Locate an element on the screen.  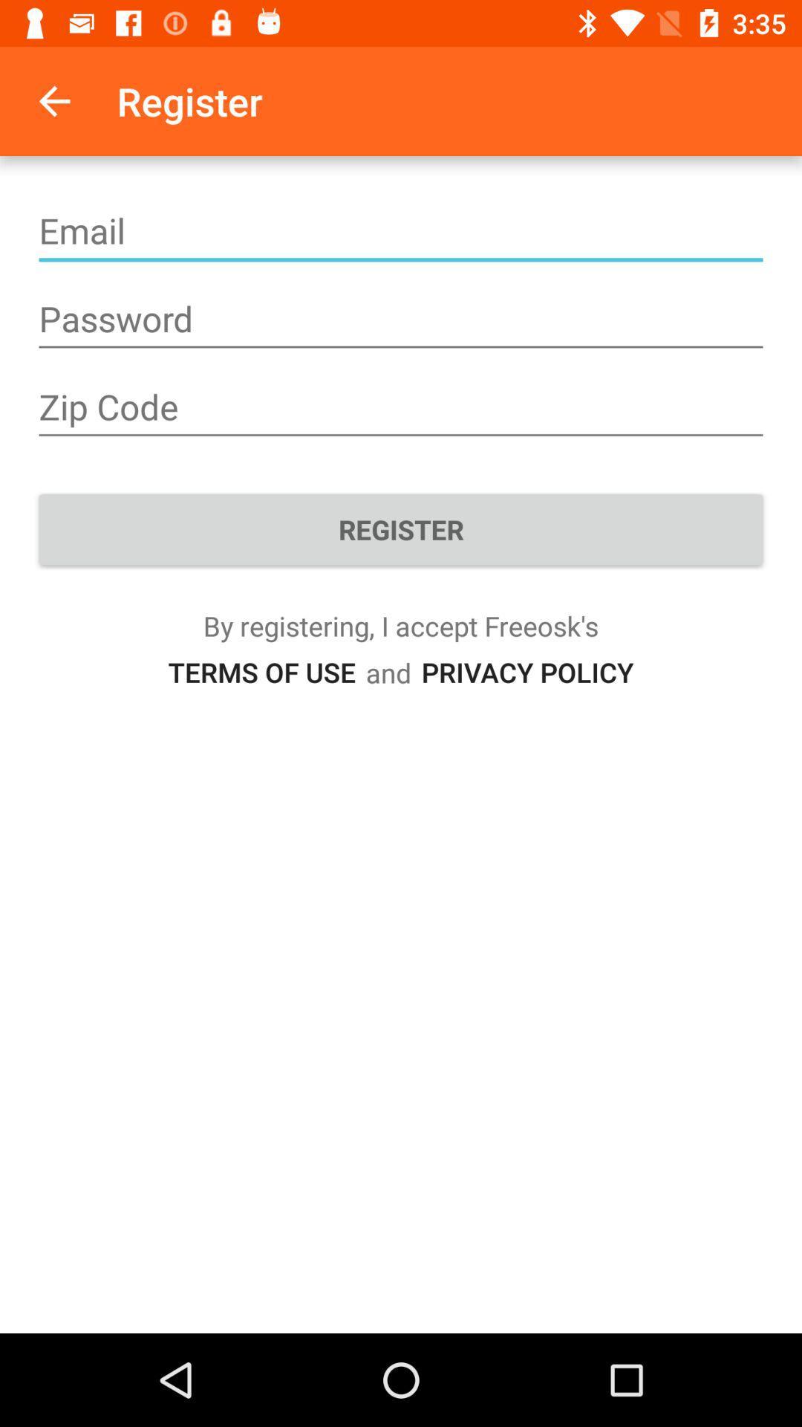
terms of use icon is located at coordinates (261, 671).